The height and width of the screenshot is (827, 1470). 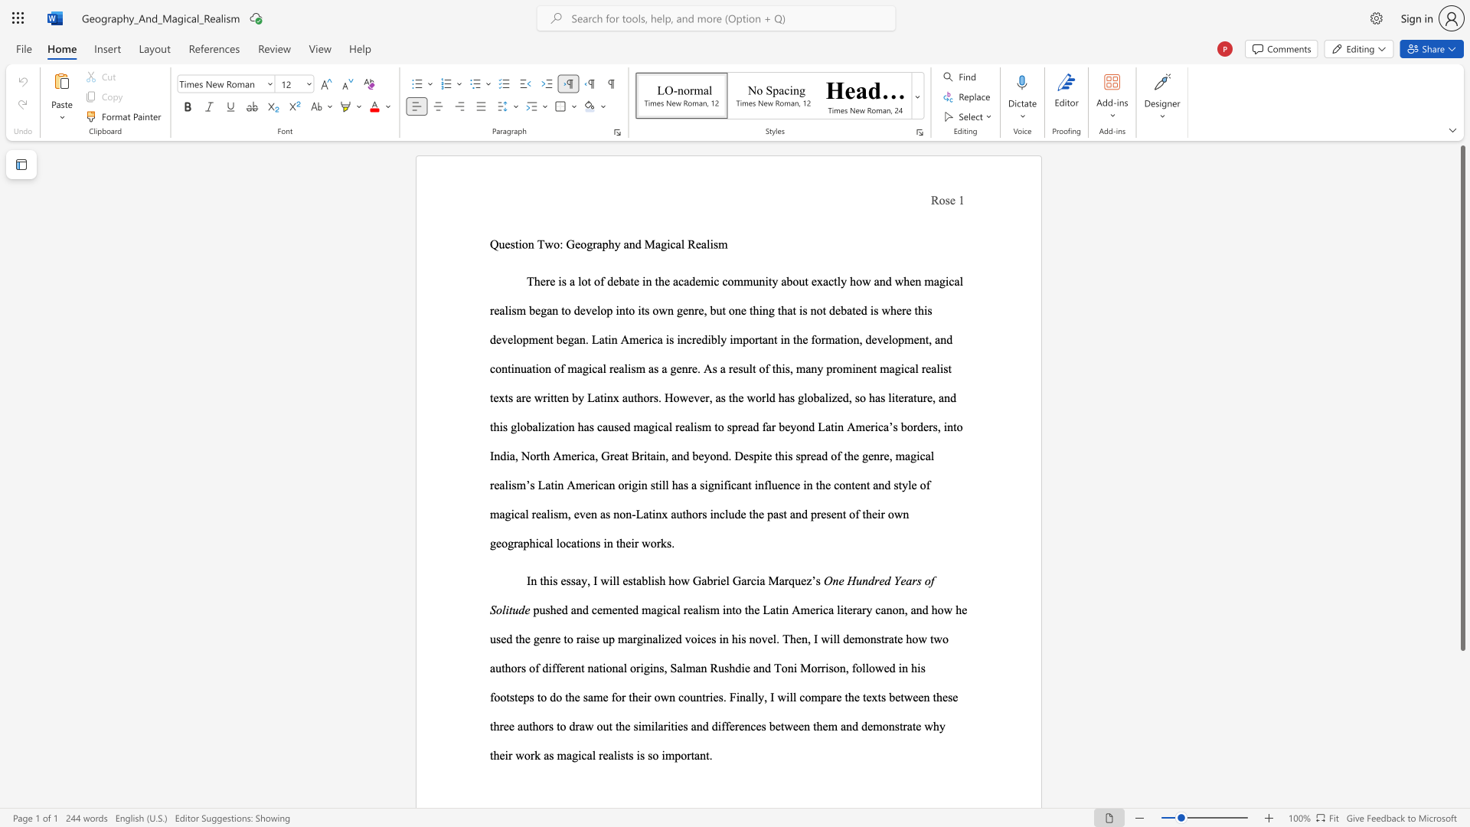 What do you see at coordinates (1462, 741) in the screenshot?
I see `the scrollbar to adjust the page downward` at bounding box center [1462, 741].